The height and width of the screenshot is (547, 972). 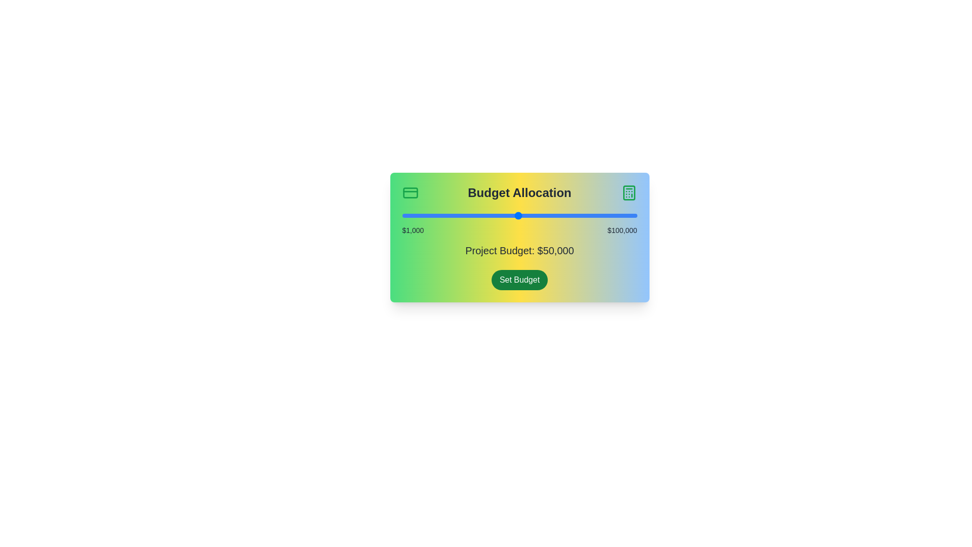 What do you see at coordinates (600, 215) in the screenshot?
I see `the slider to set the budget to 84721` at bounding box center [600, 215].